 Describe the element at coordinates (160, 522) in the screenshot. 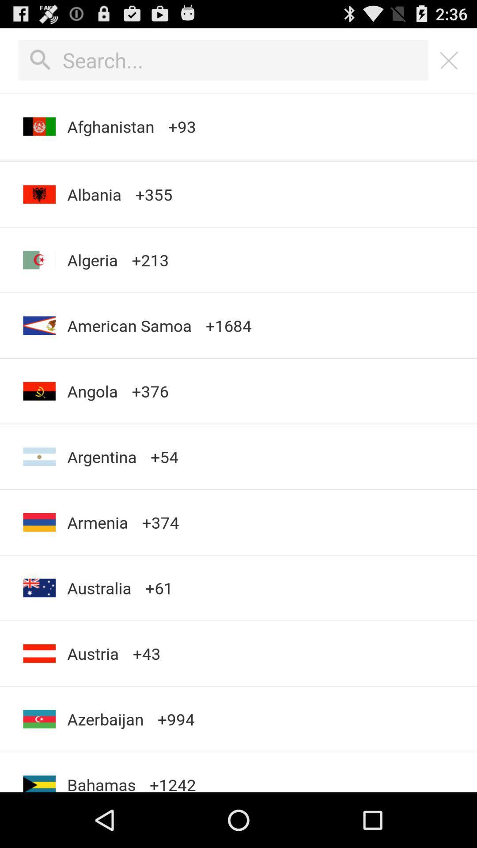

I see `the icon next to argentina item` at that location.